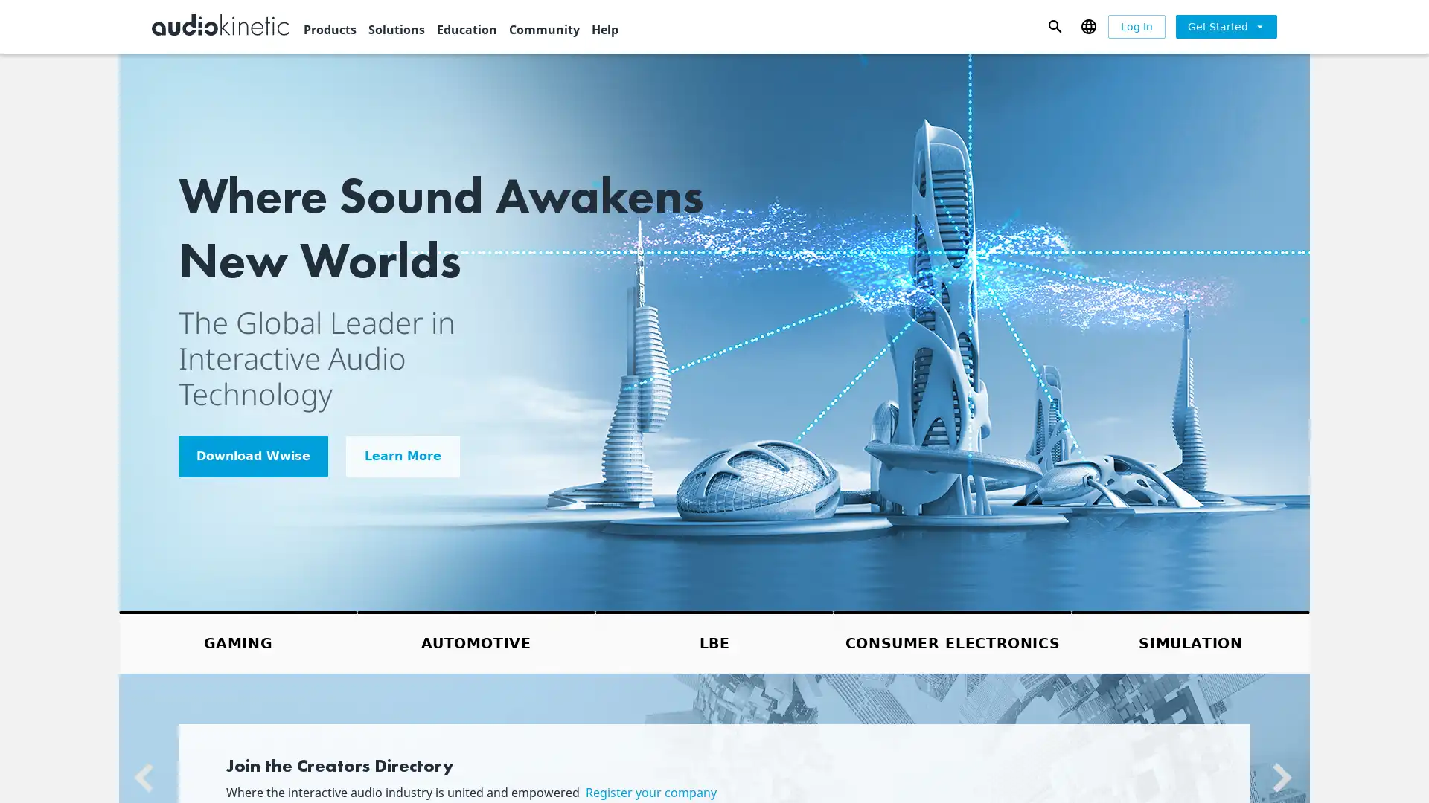 This screenshot has height=803, width=1429. I want to click on Download Wwise, so click(253, 455).